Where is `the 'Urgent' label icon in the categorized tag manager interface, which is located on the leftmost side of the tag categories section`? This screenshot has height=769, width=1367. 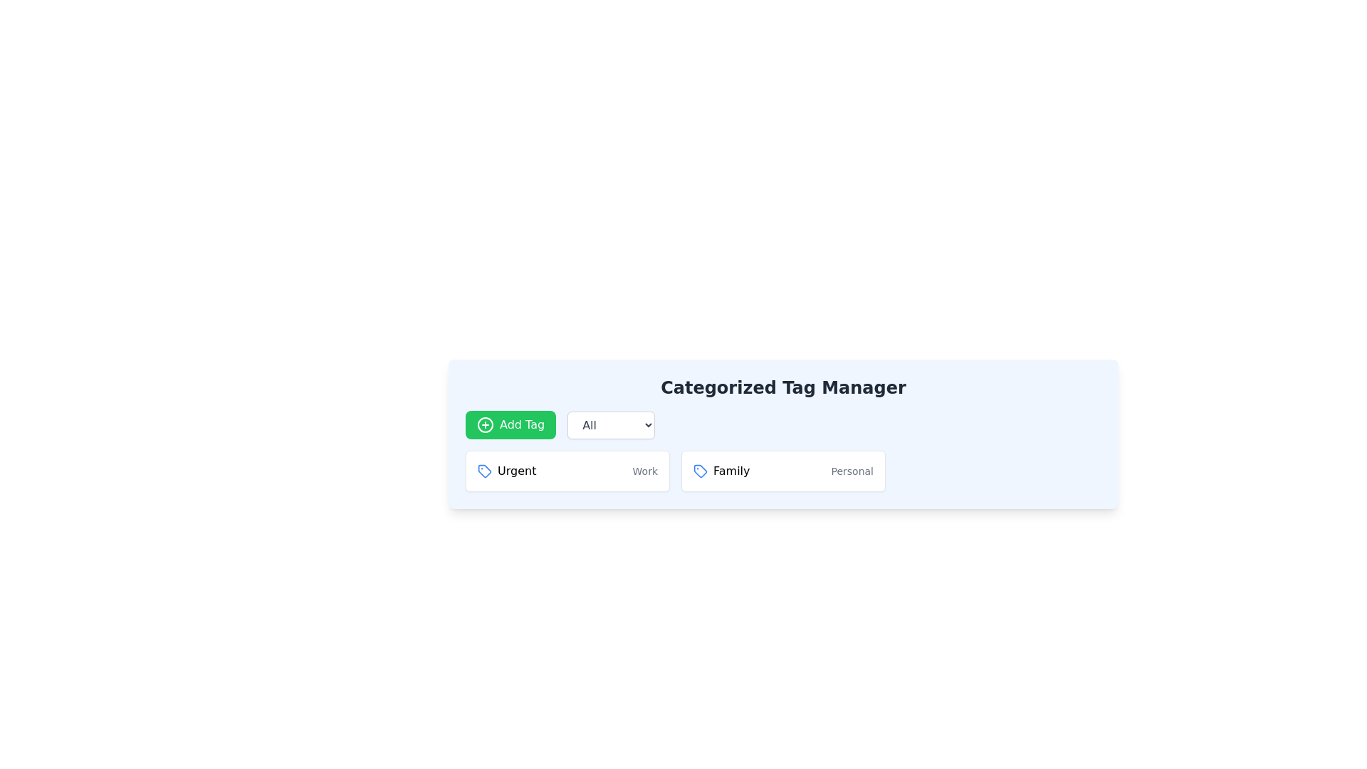
the 'Urgent' label icon in the categorized tag manager interface, which is located on the leftmost side of the tag categories section is located at coordinates (485, 471).